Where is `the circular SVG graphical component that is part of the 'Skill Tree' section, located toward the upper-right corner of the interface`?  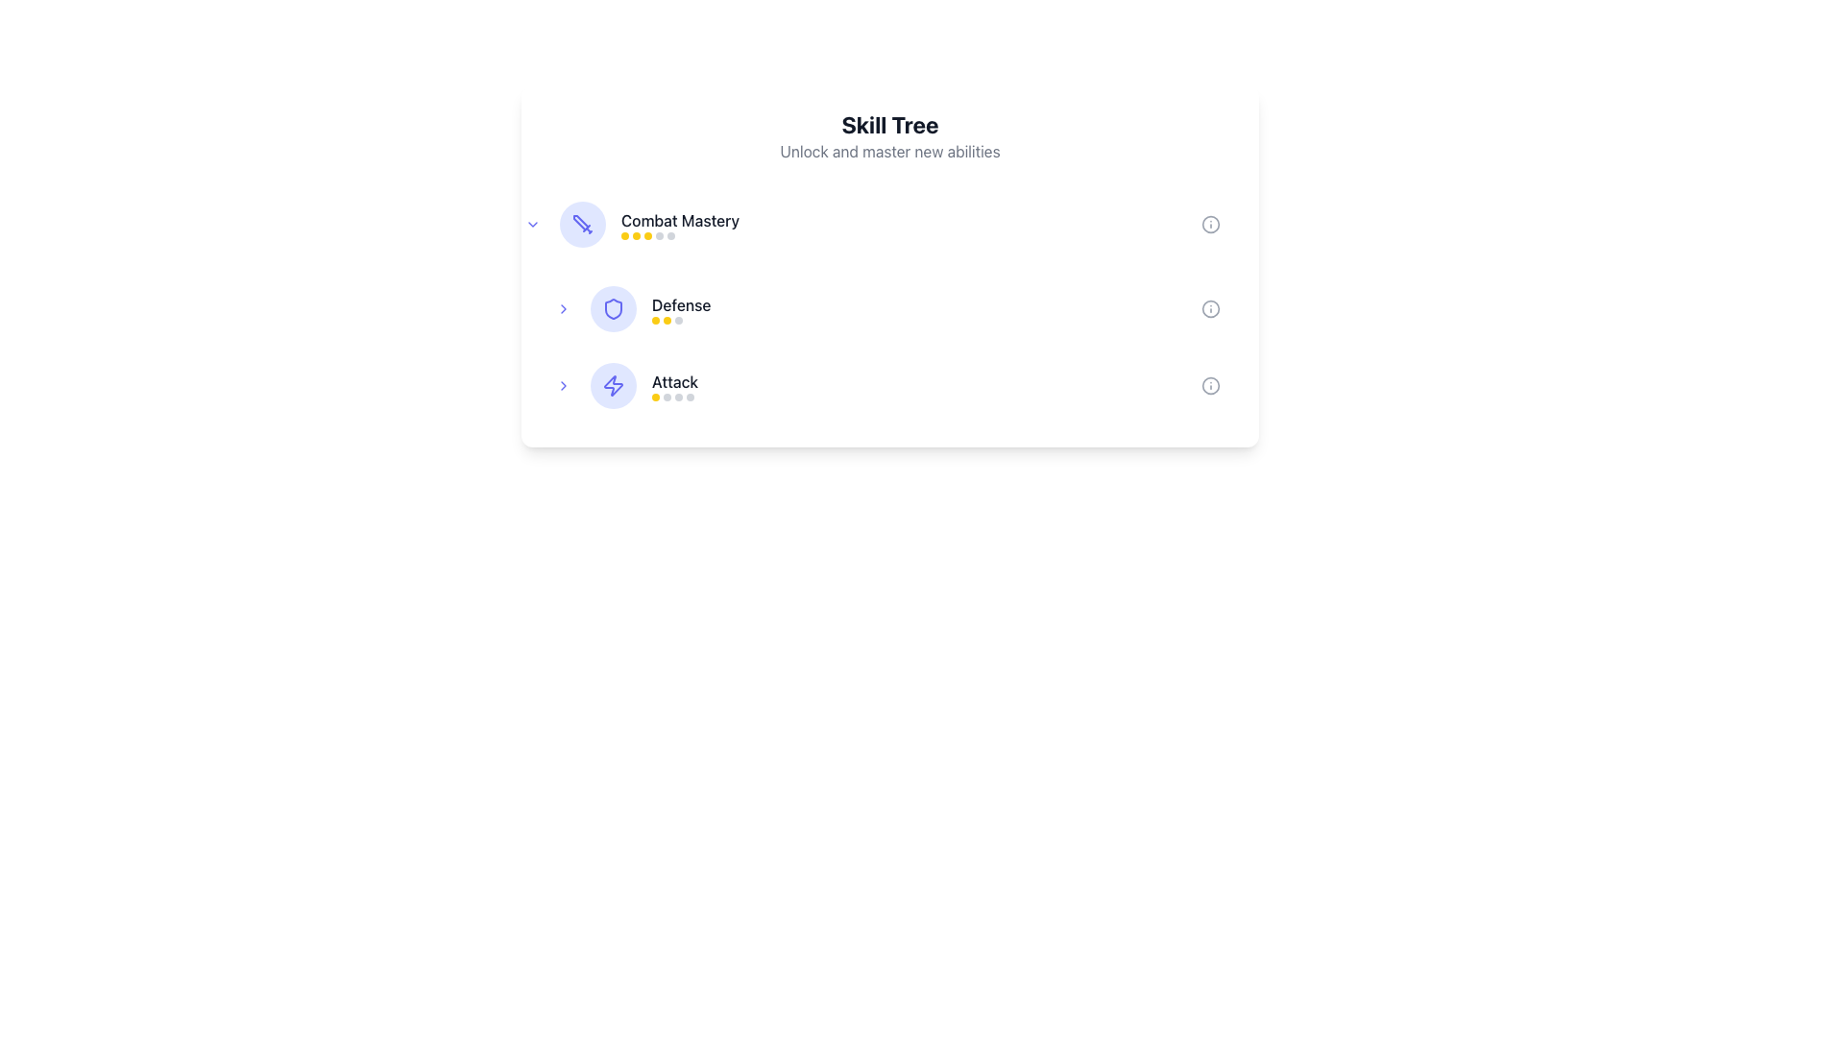
the circular SVG graphical component that is part of the 'Skill Tree' section, located toward the upper-right corner of the interface is located at coordinates (1210, 224).